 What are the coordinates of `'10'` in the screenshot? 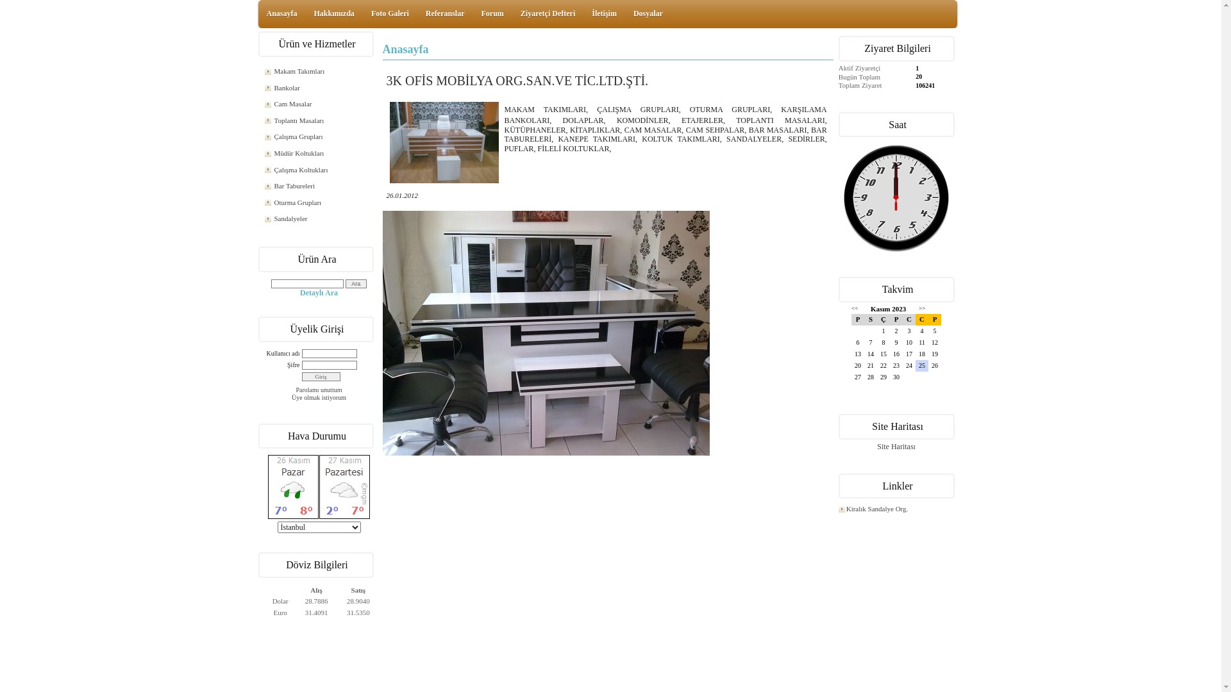 It's located at (908, 342).